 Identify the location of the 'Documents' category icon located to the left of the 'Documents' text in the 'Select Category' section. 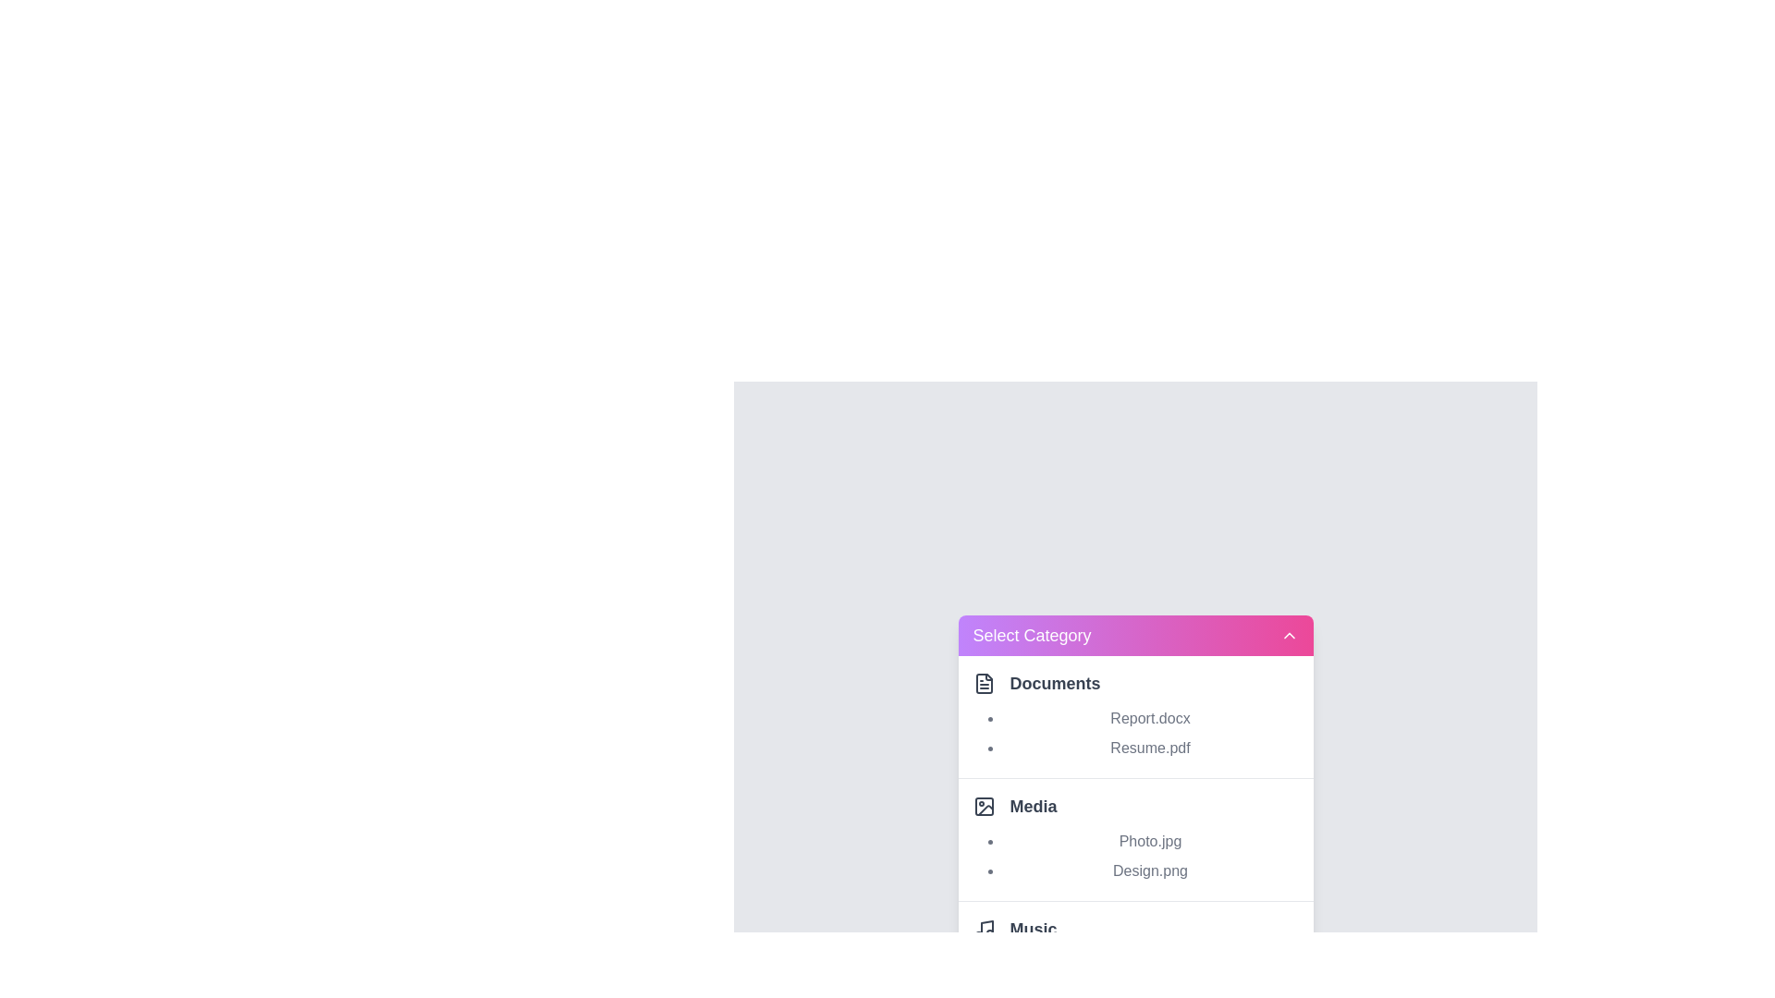
(983, 683).